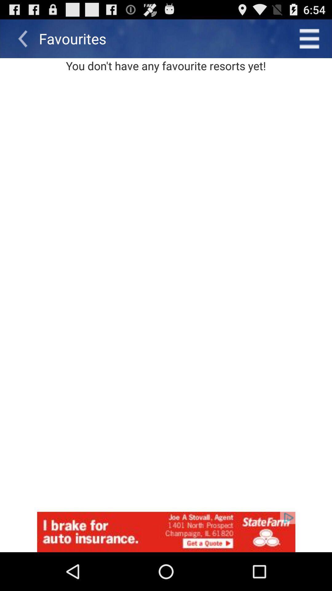  What do you see at coordinates (166, 532) in the screenshot?
I see `advertisement area` at bounding box center [166, 532].